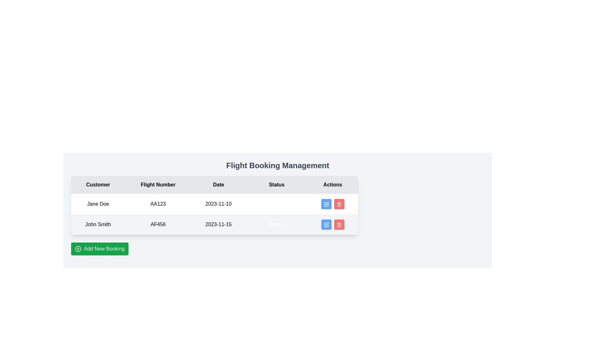 The height and width of the screenshot is (346, 615). What do you see at coordinates (158, 224) in the screenshot?
I see `the static text element displaying the flight number in the second row of the 'Flight Booking Management' table, located between 'Customer' (John Smith) and 'Date' (2023-11-15)` at bounding box center [158, 224].